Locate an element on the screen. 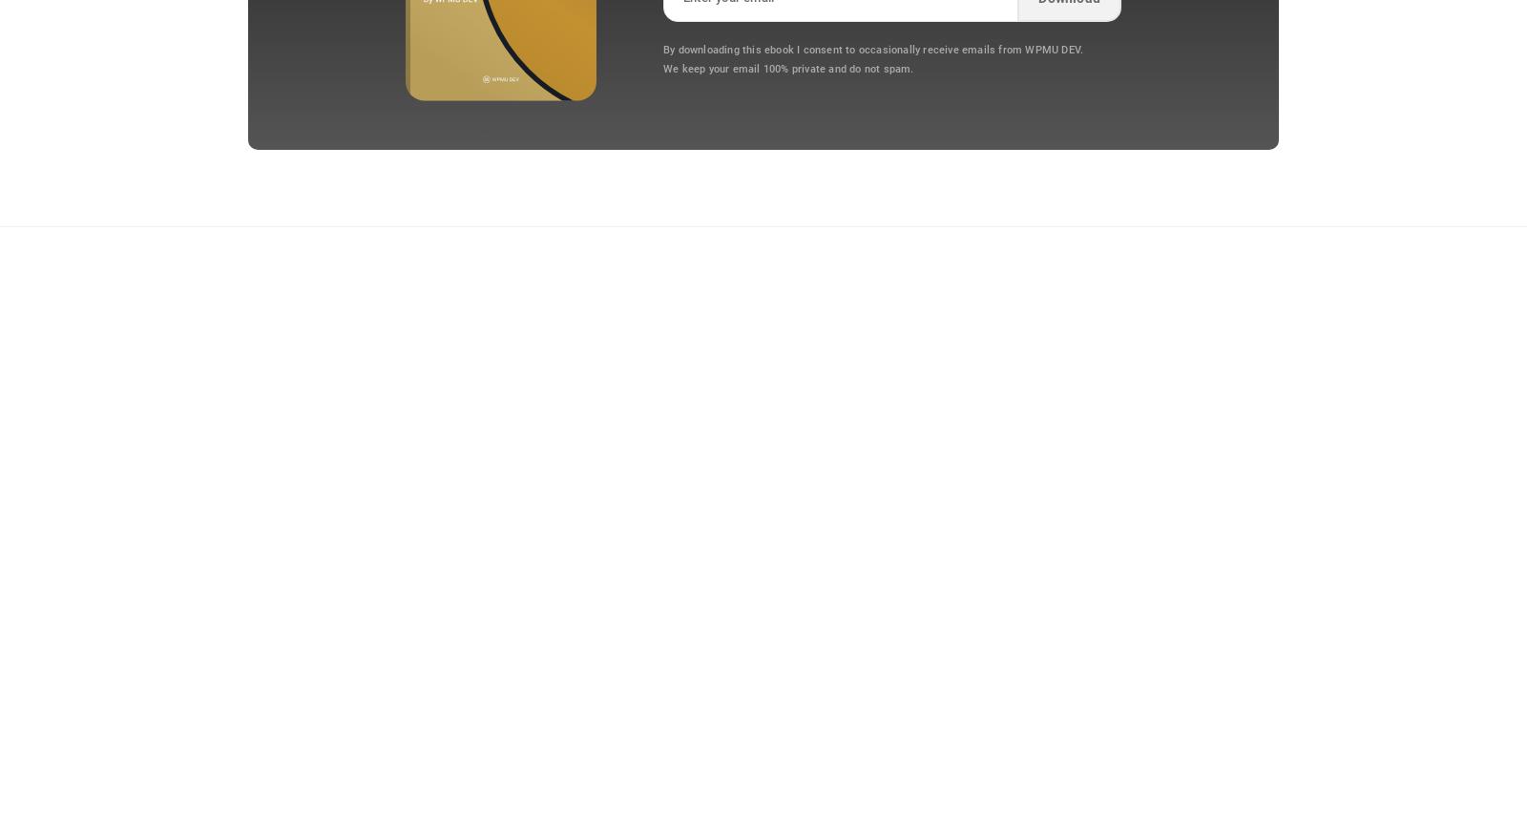 This screenshot has height=815, width=1527. 'About Us' is located at coordinates (1171, 351).